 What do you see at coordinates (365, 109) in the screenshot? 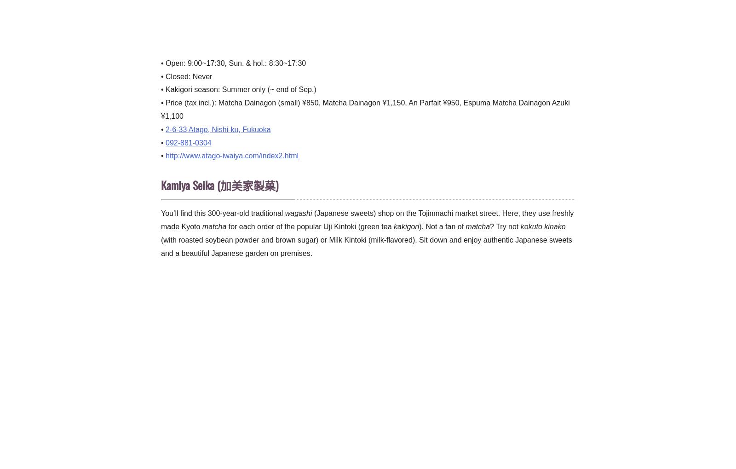
I see `'• Price (tax incl.): Matcha Dainagon (small) ¥850, Matcha Dainagon ¥1,150, An Parfait ¥950, Espuma Matcha Dainagon Azuki ¥1,100'` at bounding box center [365, 109].